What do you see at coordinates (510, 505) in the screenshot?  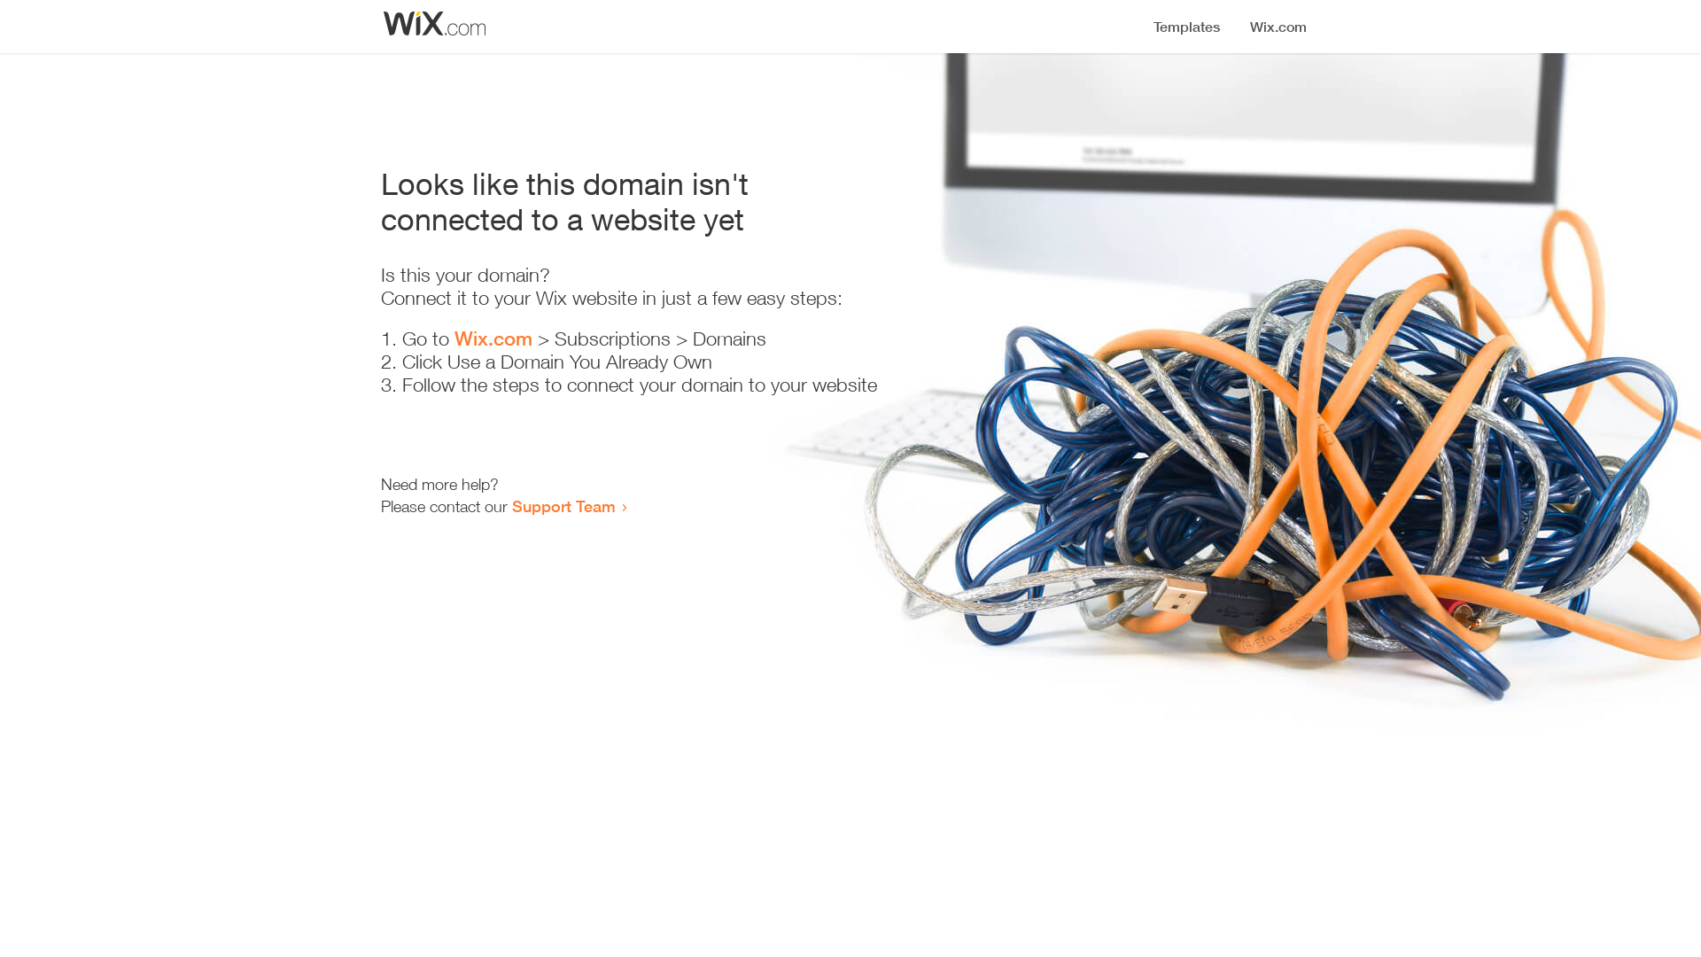 I see `'Support Team'` at bounding box center [510, 505].